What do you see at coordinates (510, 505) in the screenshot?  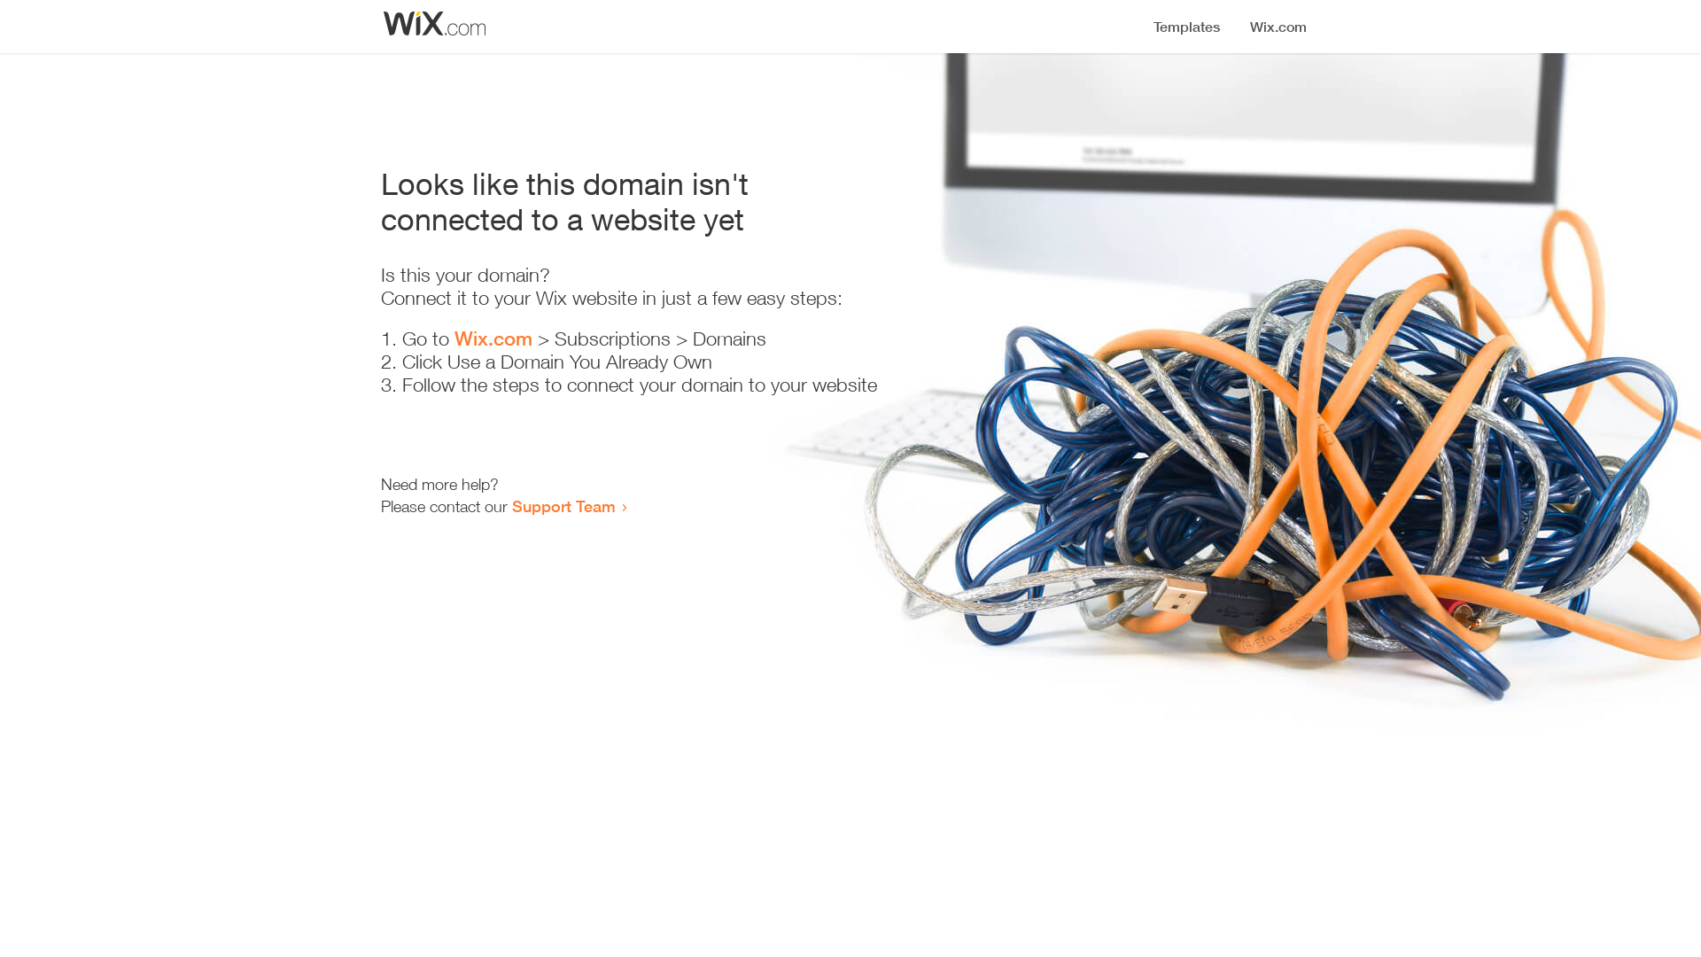 I see `'Support Team'` at bounding box center [510, 505].